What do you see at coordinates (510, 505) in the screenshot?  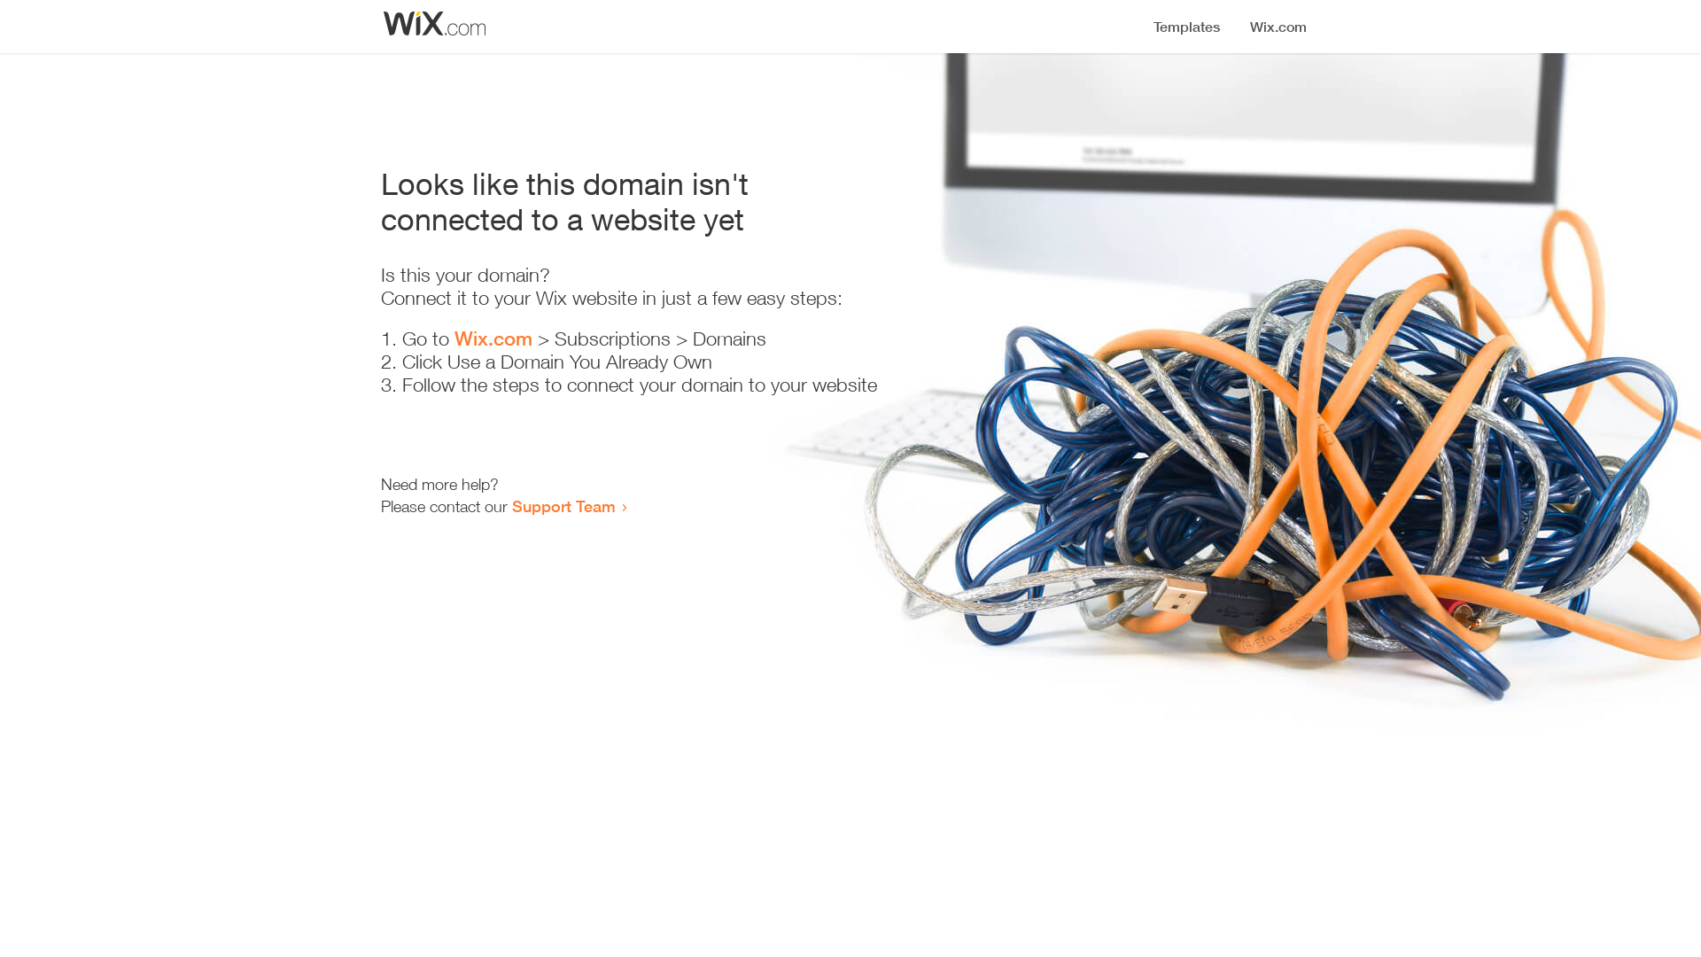 I see `'Support Team'` at bounding box center [510, 505].